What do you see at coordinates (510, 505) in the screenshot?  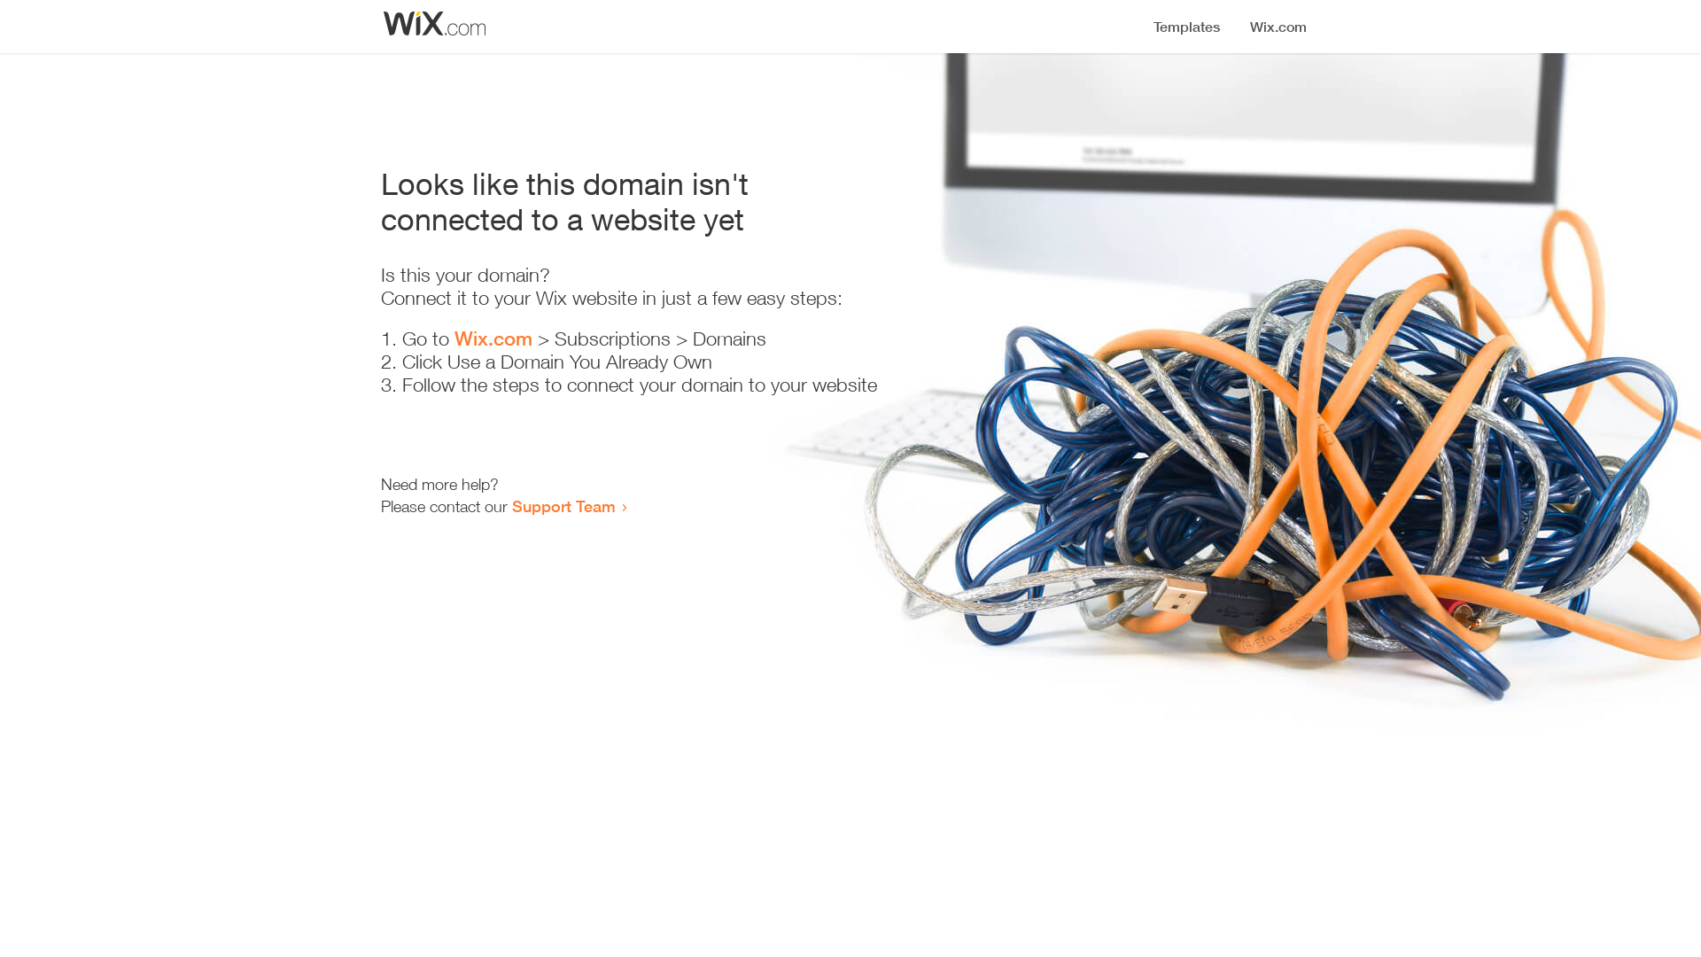 I see `'Support Team'` at bounding box center [510, 505].